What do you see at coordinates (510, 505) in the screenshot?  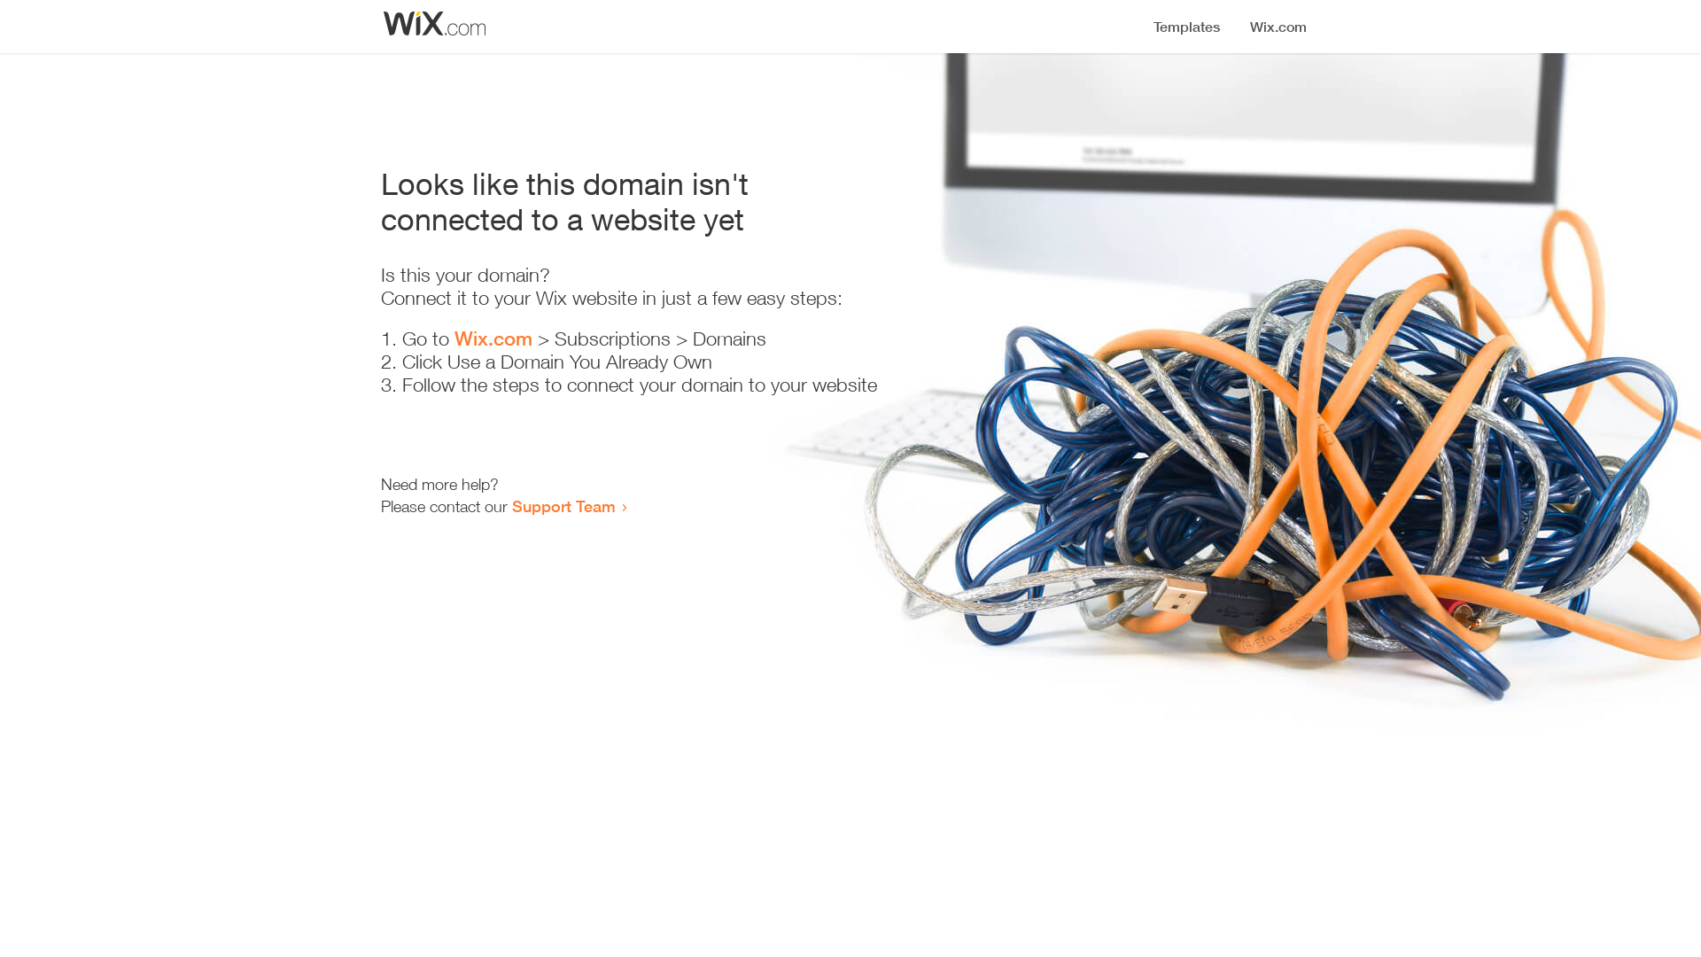 I see `'Support Team'` at bounding box center [510, 505].